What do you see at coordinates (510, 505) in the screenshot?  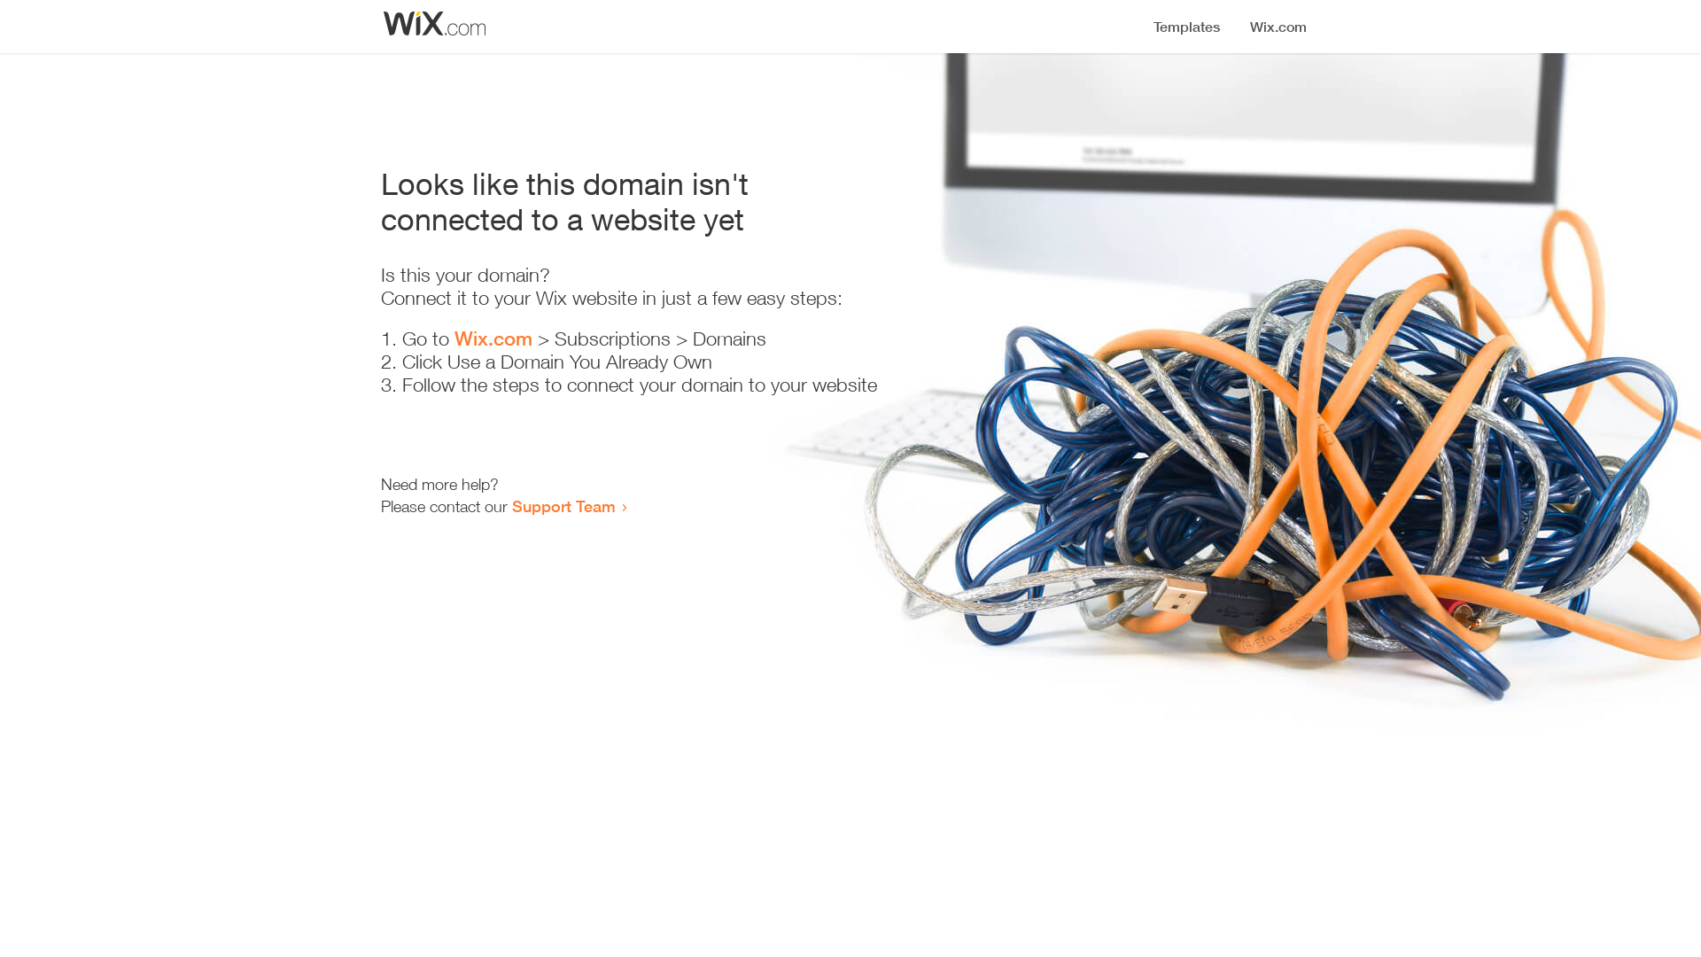 I see `'Support Team'` at bounding box center [510, 505].